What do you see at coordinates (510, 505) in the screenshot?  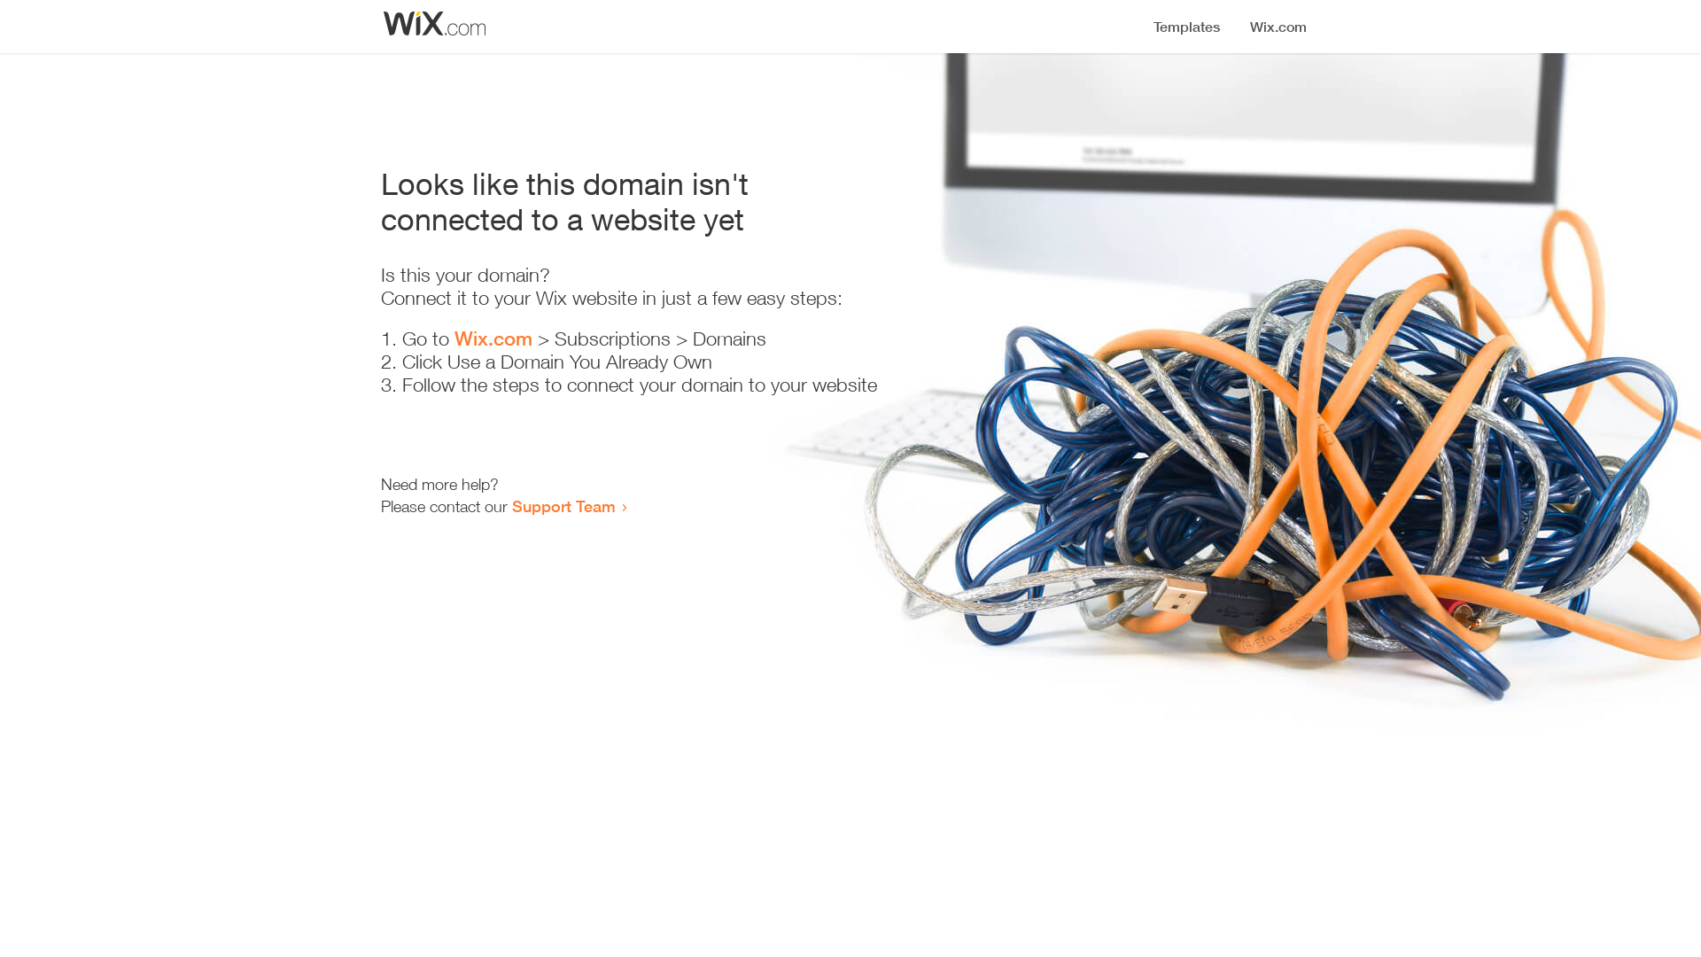 I see `'Support Team'` at bounding box center [510, 505].